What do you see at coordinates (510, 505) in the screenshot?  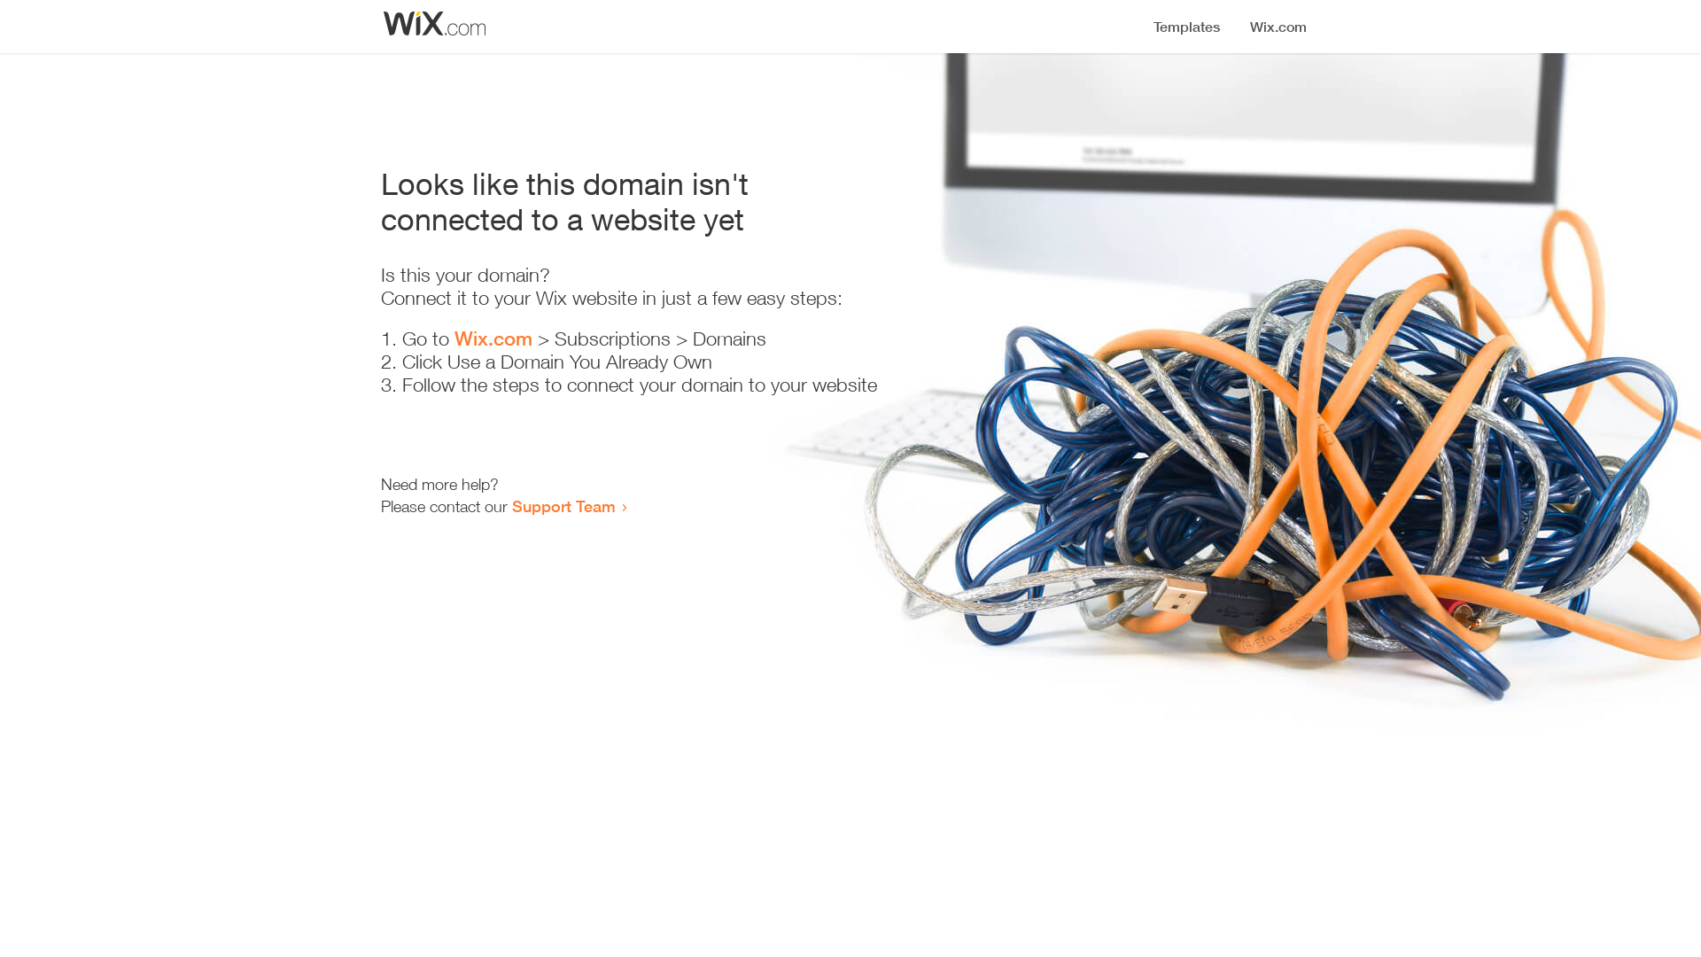 I see `'Support Team'` at bounding box center [510, 505].